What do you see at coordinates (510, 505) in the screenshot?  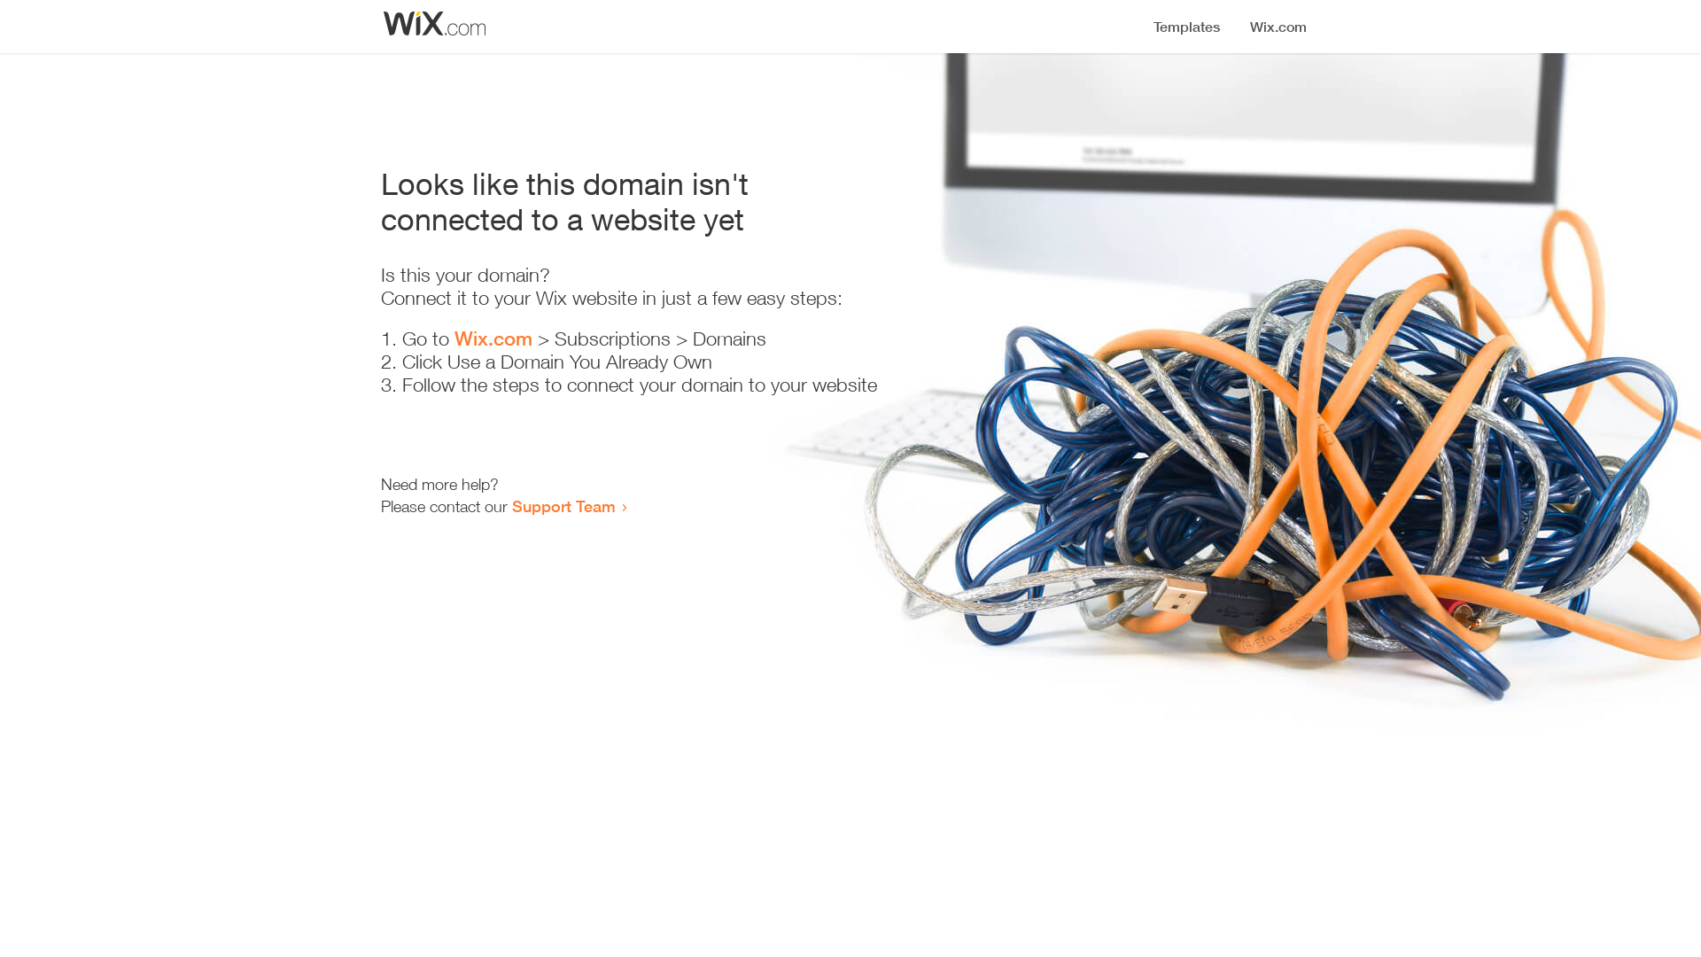 I see `'Support Team'` at bounding box center [510, 505].